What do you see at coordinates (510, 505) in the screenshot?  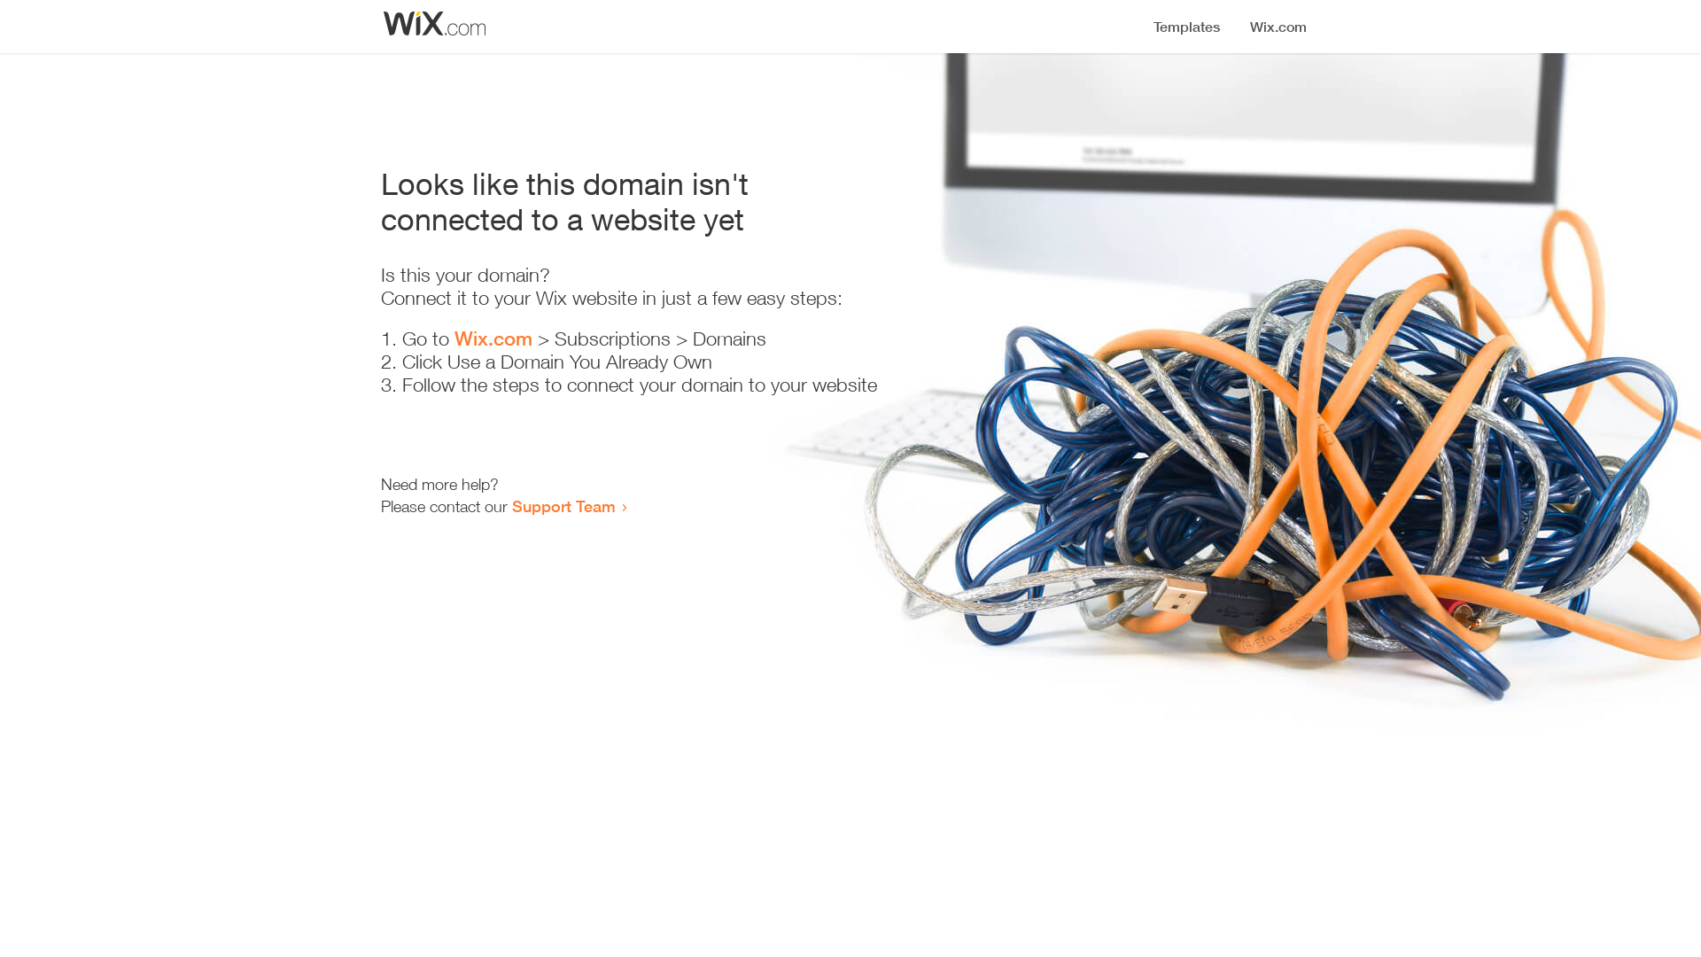 I see `'Support Team'` at bounding box center [510, 505].